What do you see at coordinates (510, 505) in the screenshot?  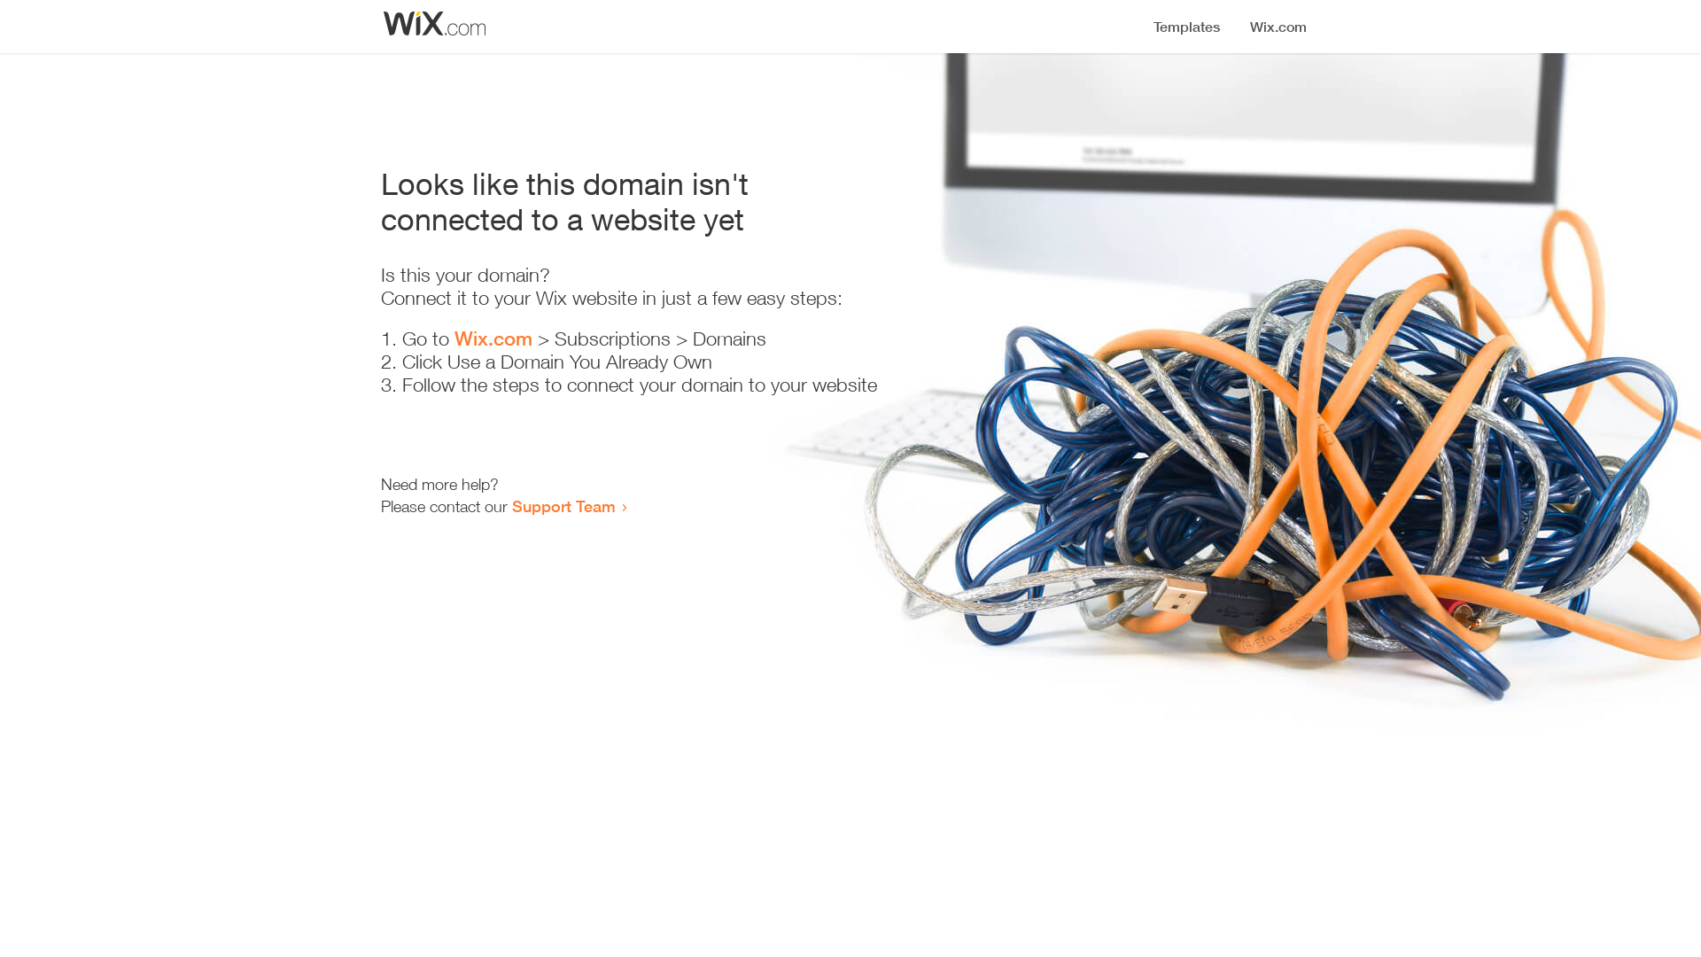 I see `'Support Team'` at bounding box center [510, 505].